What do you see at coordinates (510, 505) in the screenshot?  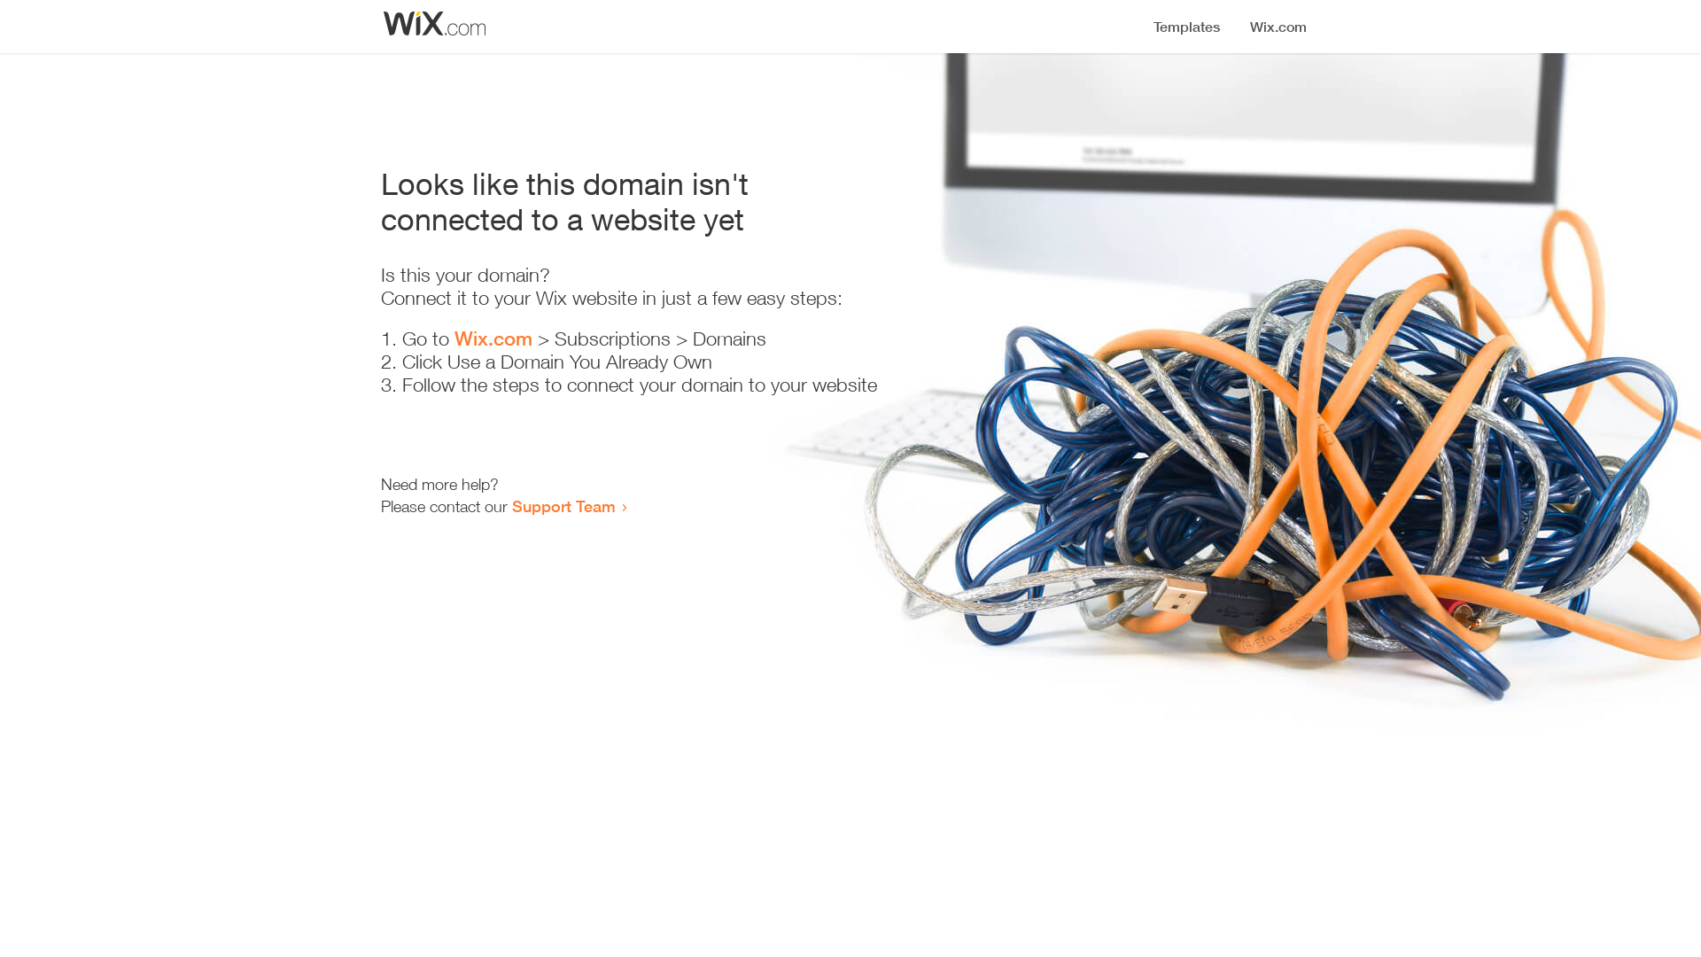 I see `'Support Team'` at bounding box center [510, 505].